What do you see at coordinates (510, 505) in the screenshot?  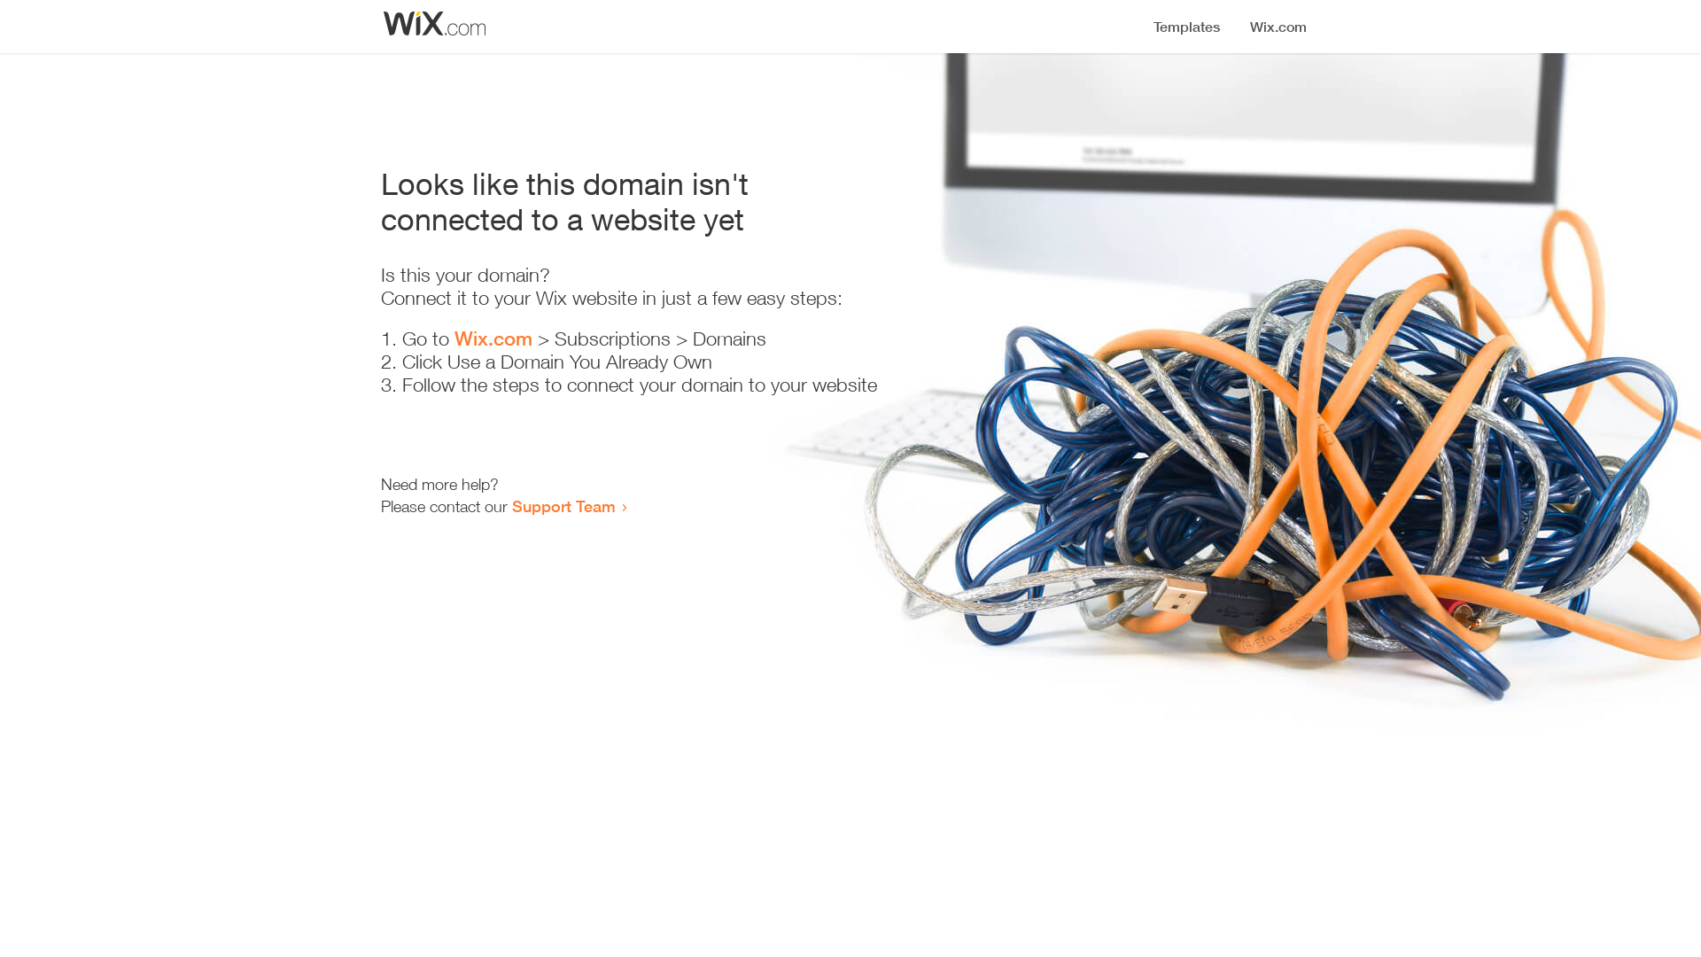 I see `'Support Team'` at bounding box center [510, 505].